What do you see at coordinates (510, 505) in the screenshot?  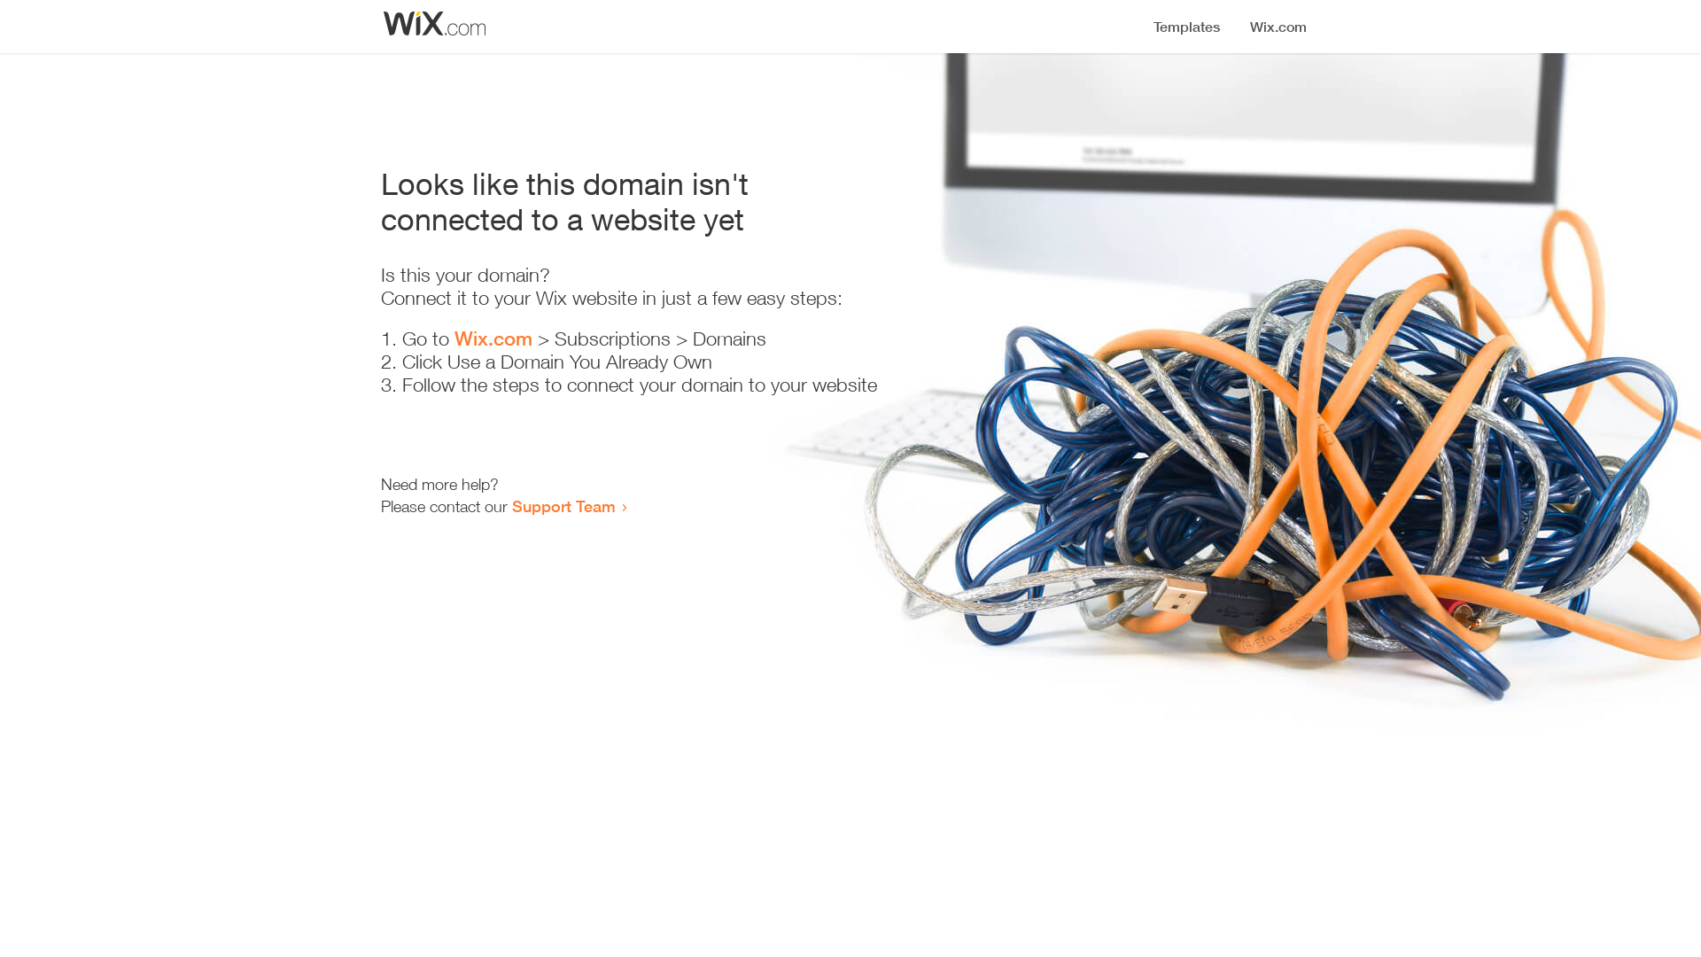 I see `'Support Team'` at bounding box center [510, 505].